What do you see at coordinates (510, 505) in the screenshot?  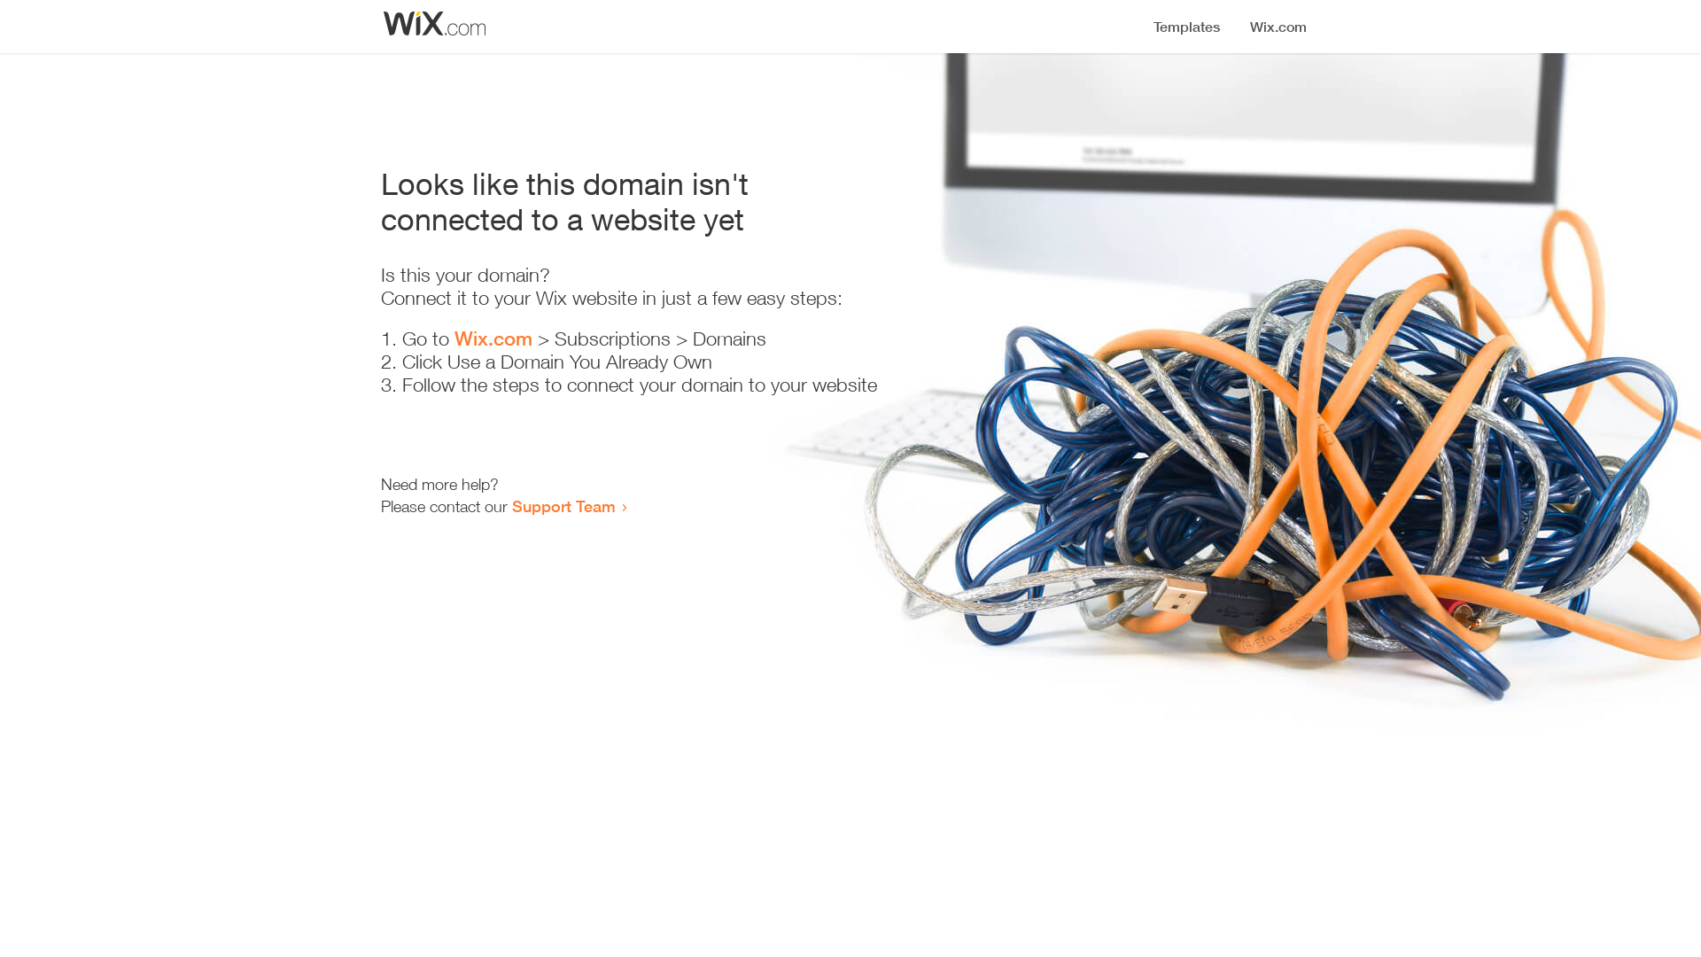 I see `'Support Team'` at bounding box center [510, 505].